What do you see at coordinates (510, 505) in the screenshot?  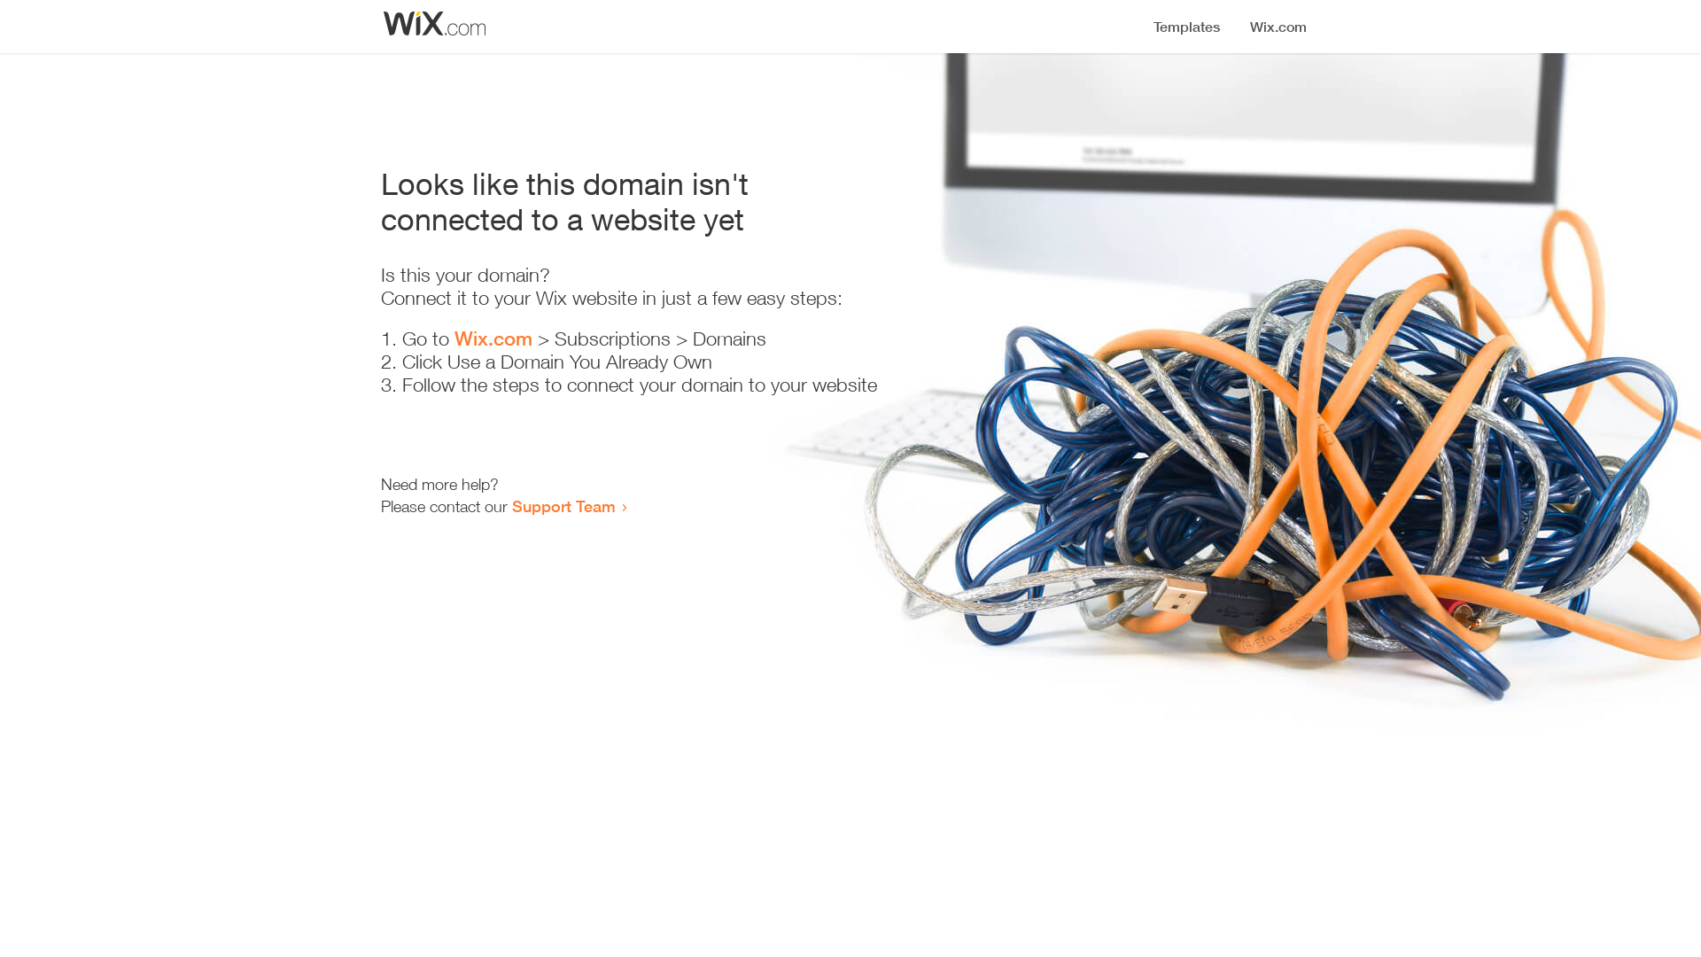 I see `'Support Team'` at bounding box center [510, 505].